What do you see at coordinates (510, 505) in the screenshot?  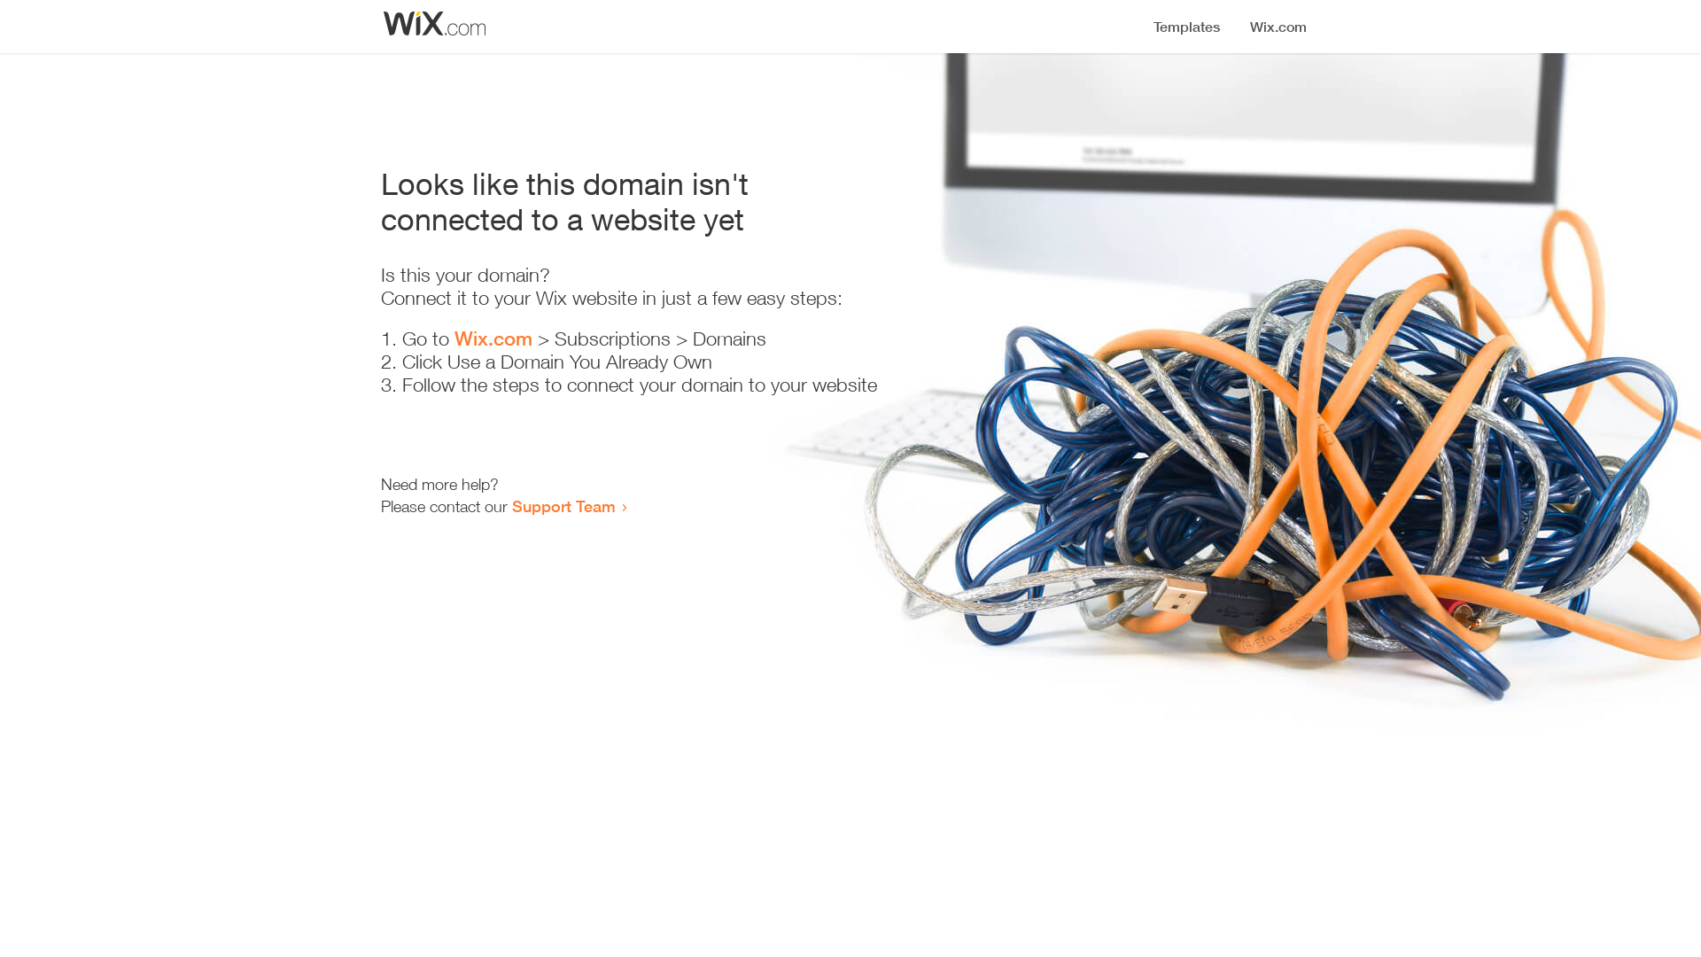 I see `'Support Team'` at bounding box center [510, 505].